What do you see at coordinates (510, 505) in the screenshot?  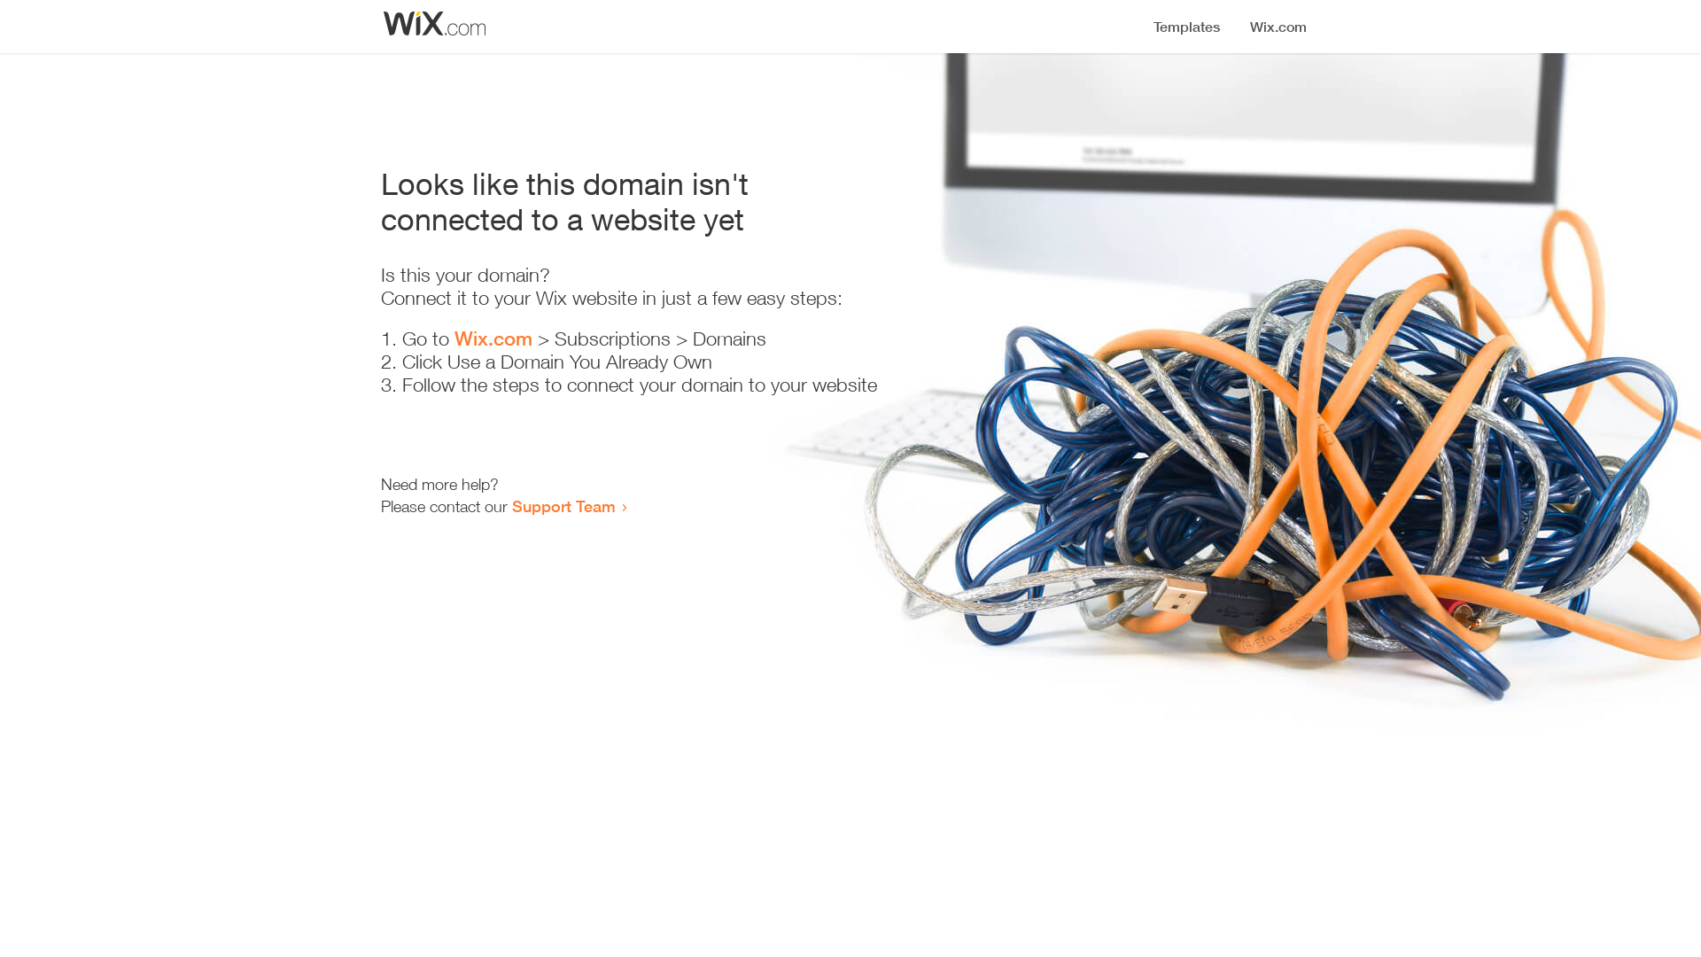 I see `'Support Team'` at bounding box center [510, 505].